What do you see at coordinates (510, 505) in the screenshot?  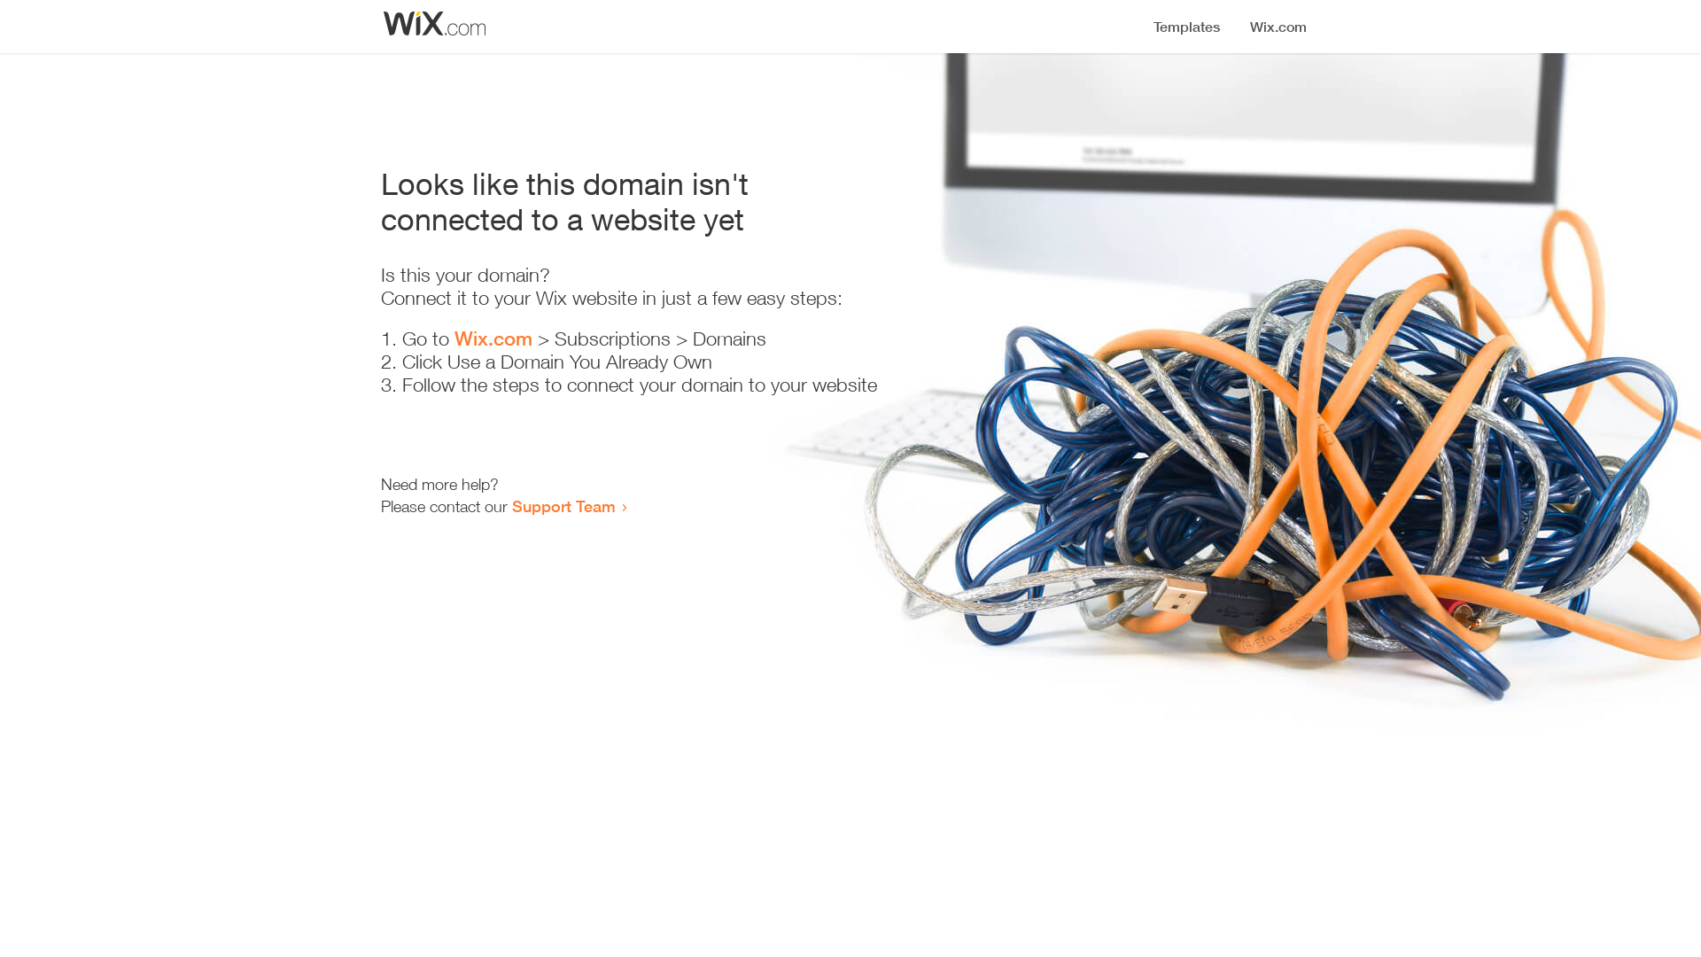 I see `'Support Team'` at bounding box center [510, 505].